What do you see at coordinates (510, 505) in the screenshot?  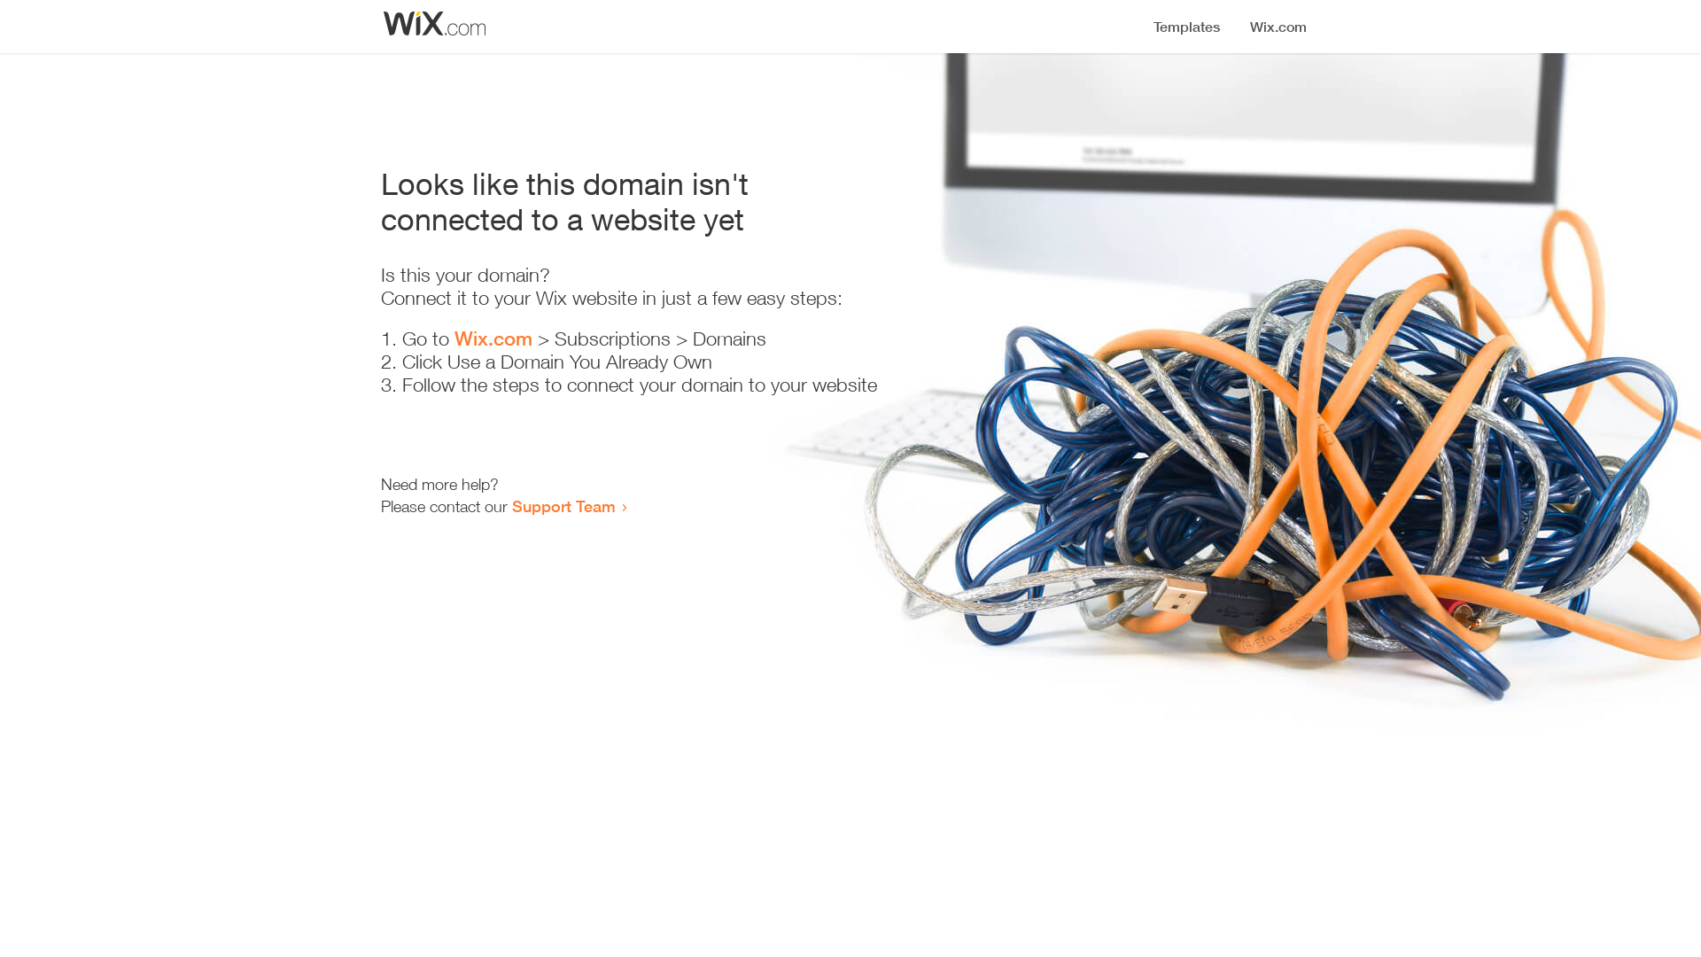 I see `'Support Team'` at bounding box center [510, 505].